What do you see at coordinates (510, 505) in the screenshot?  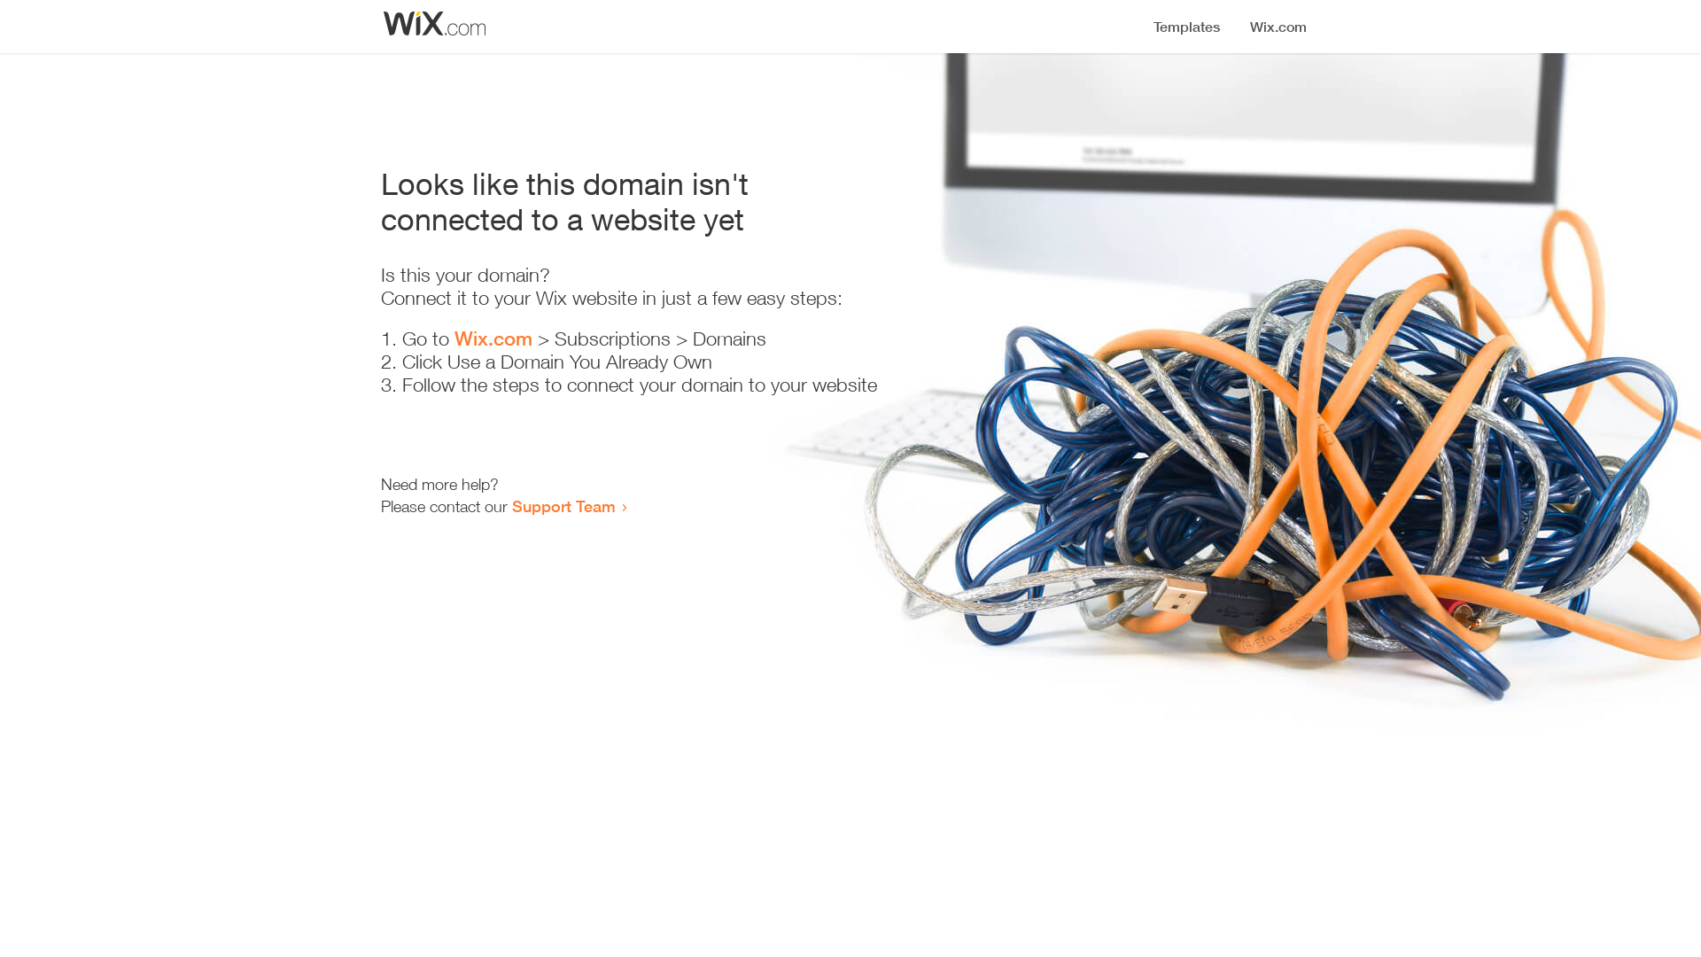 I see `'Support Team'` at bounding box center [510, 505].